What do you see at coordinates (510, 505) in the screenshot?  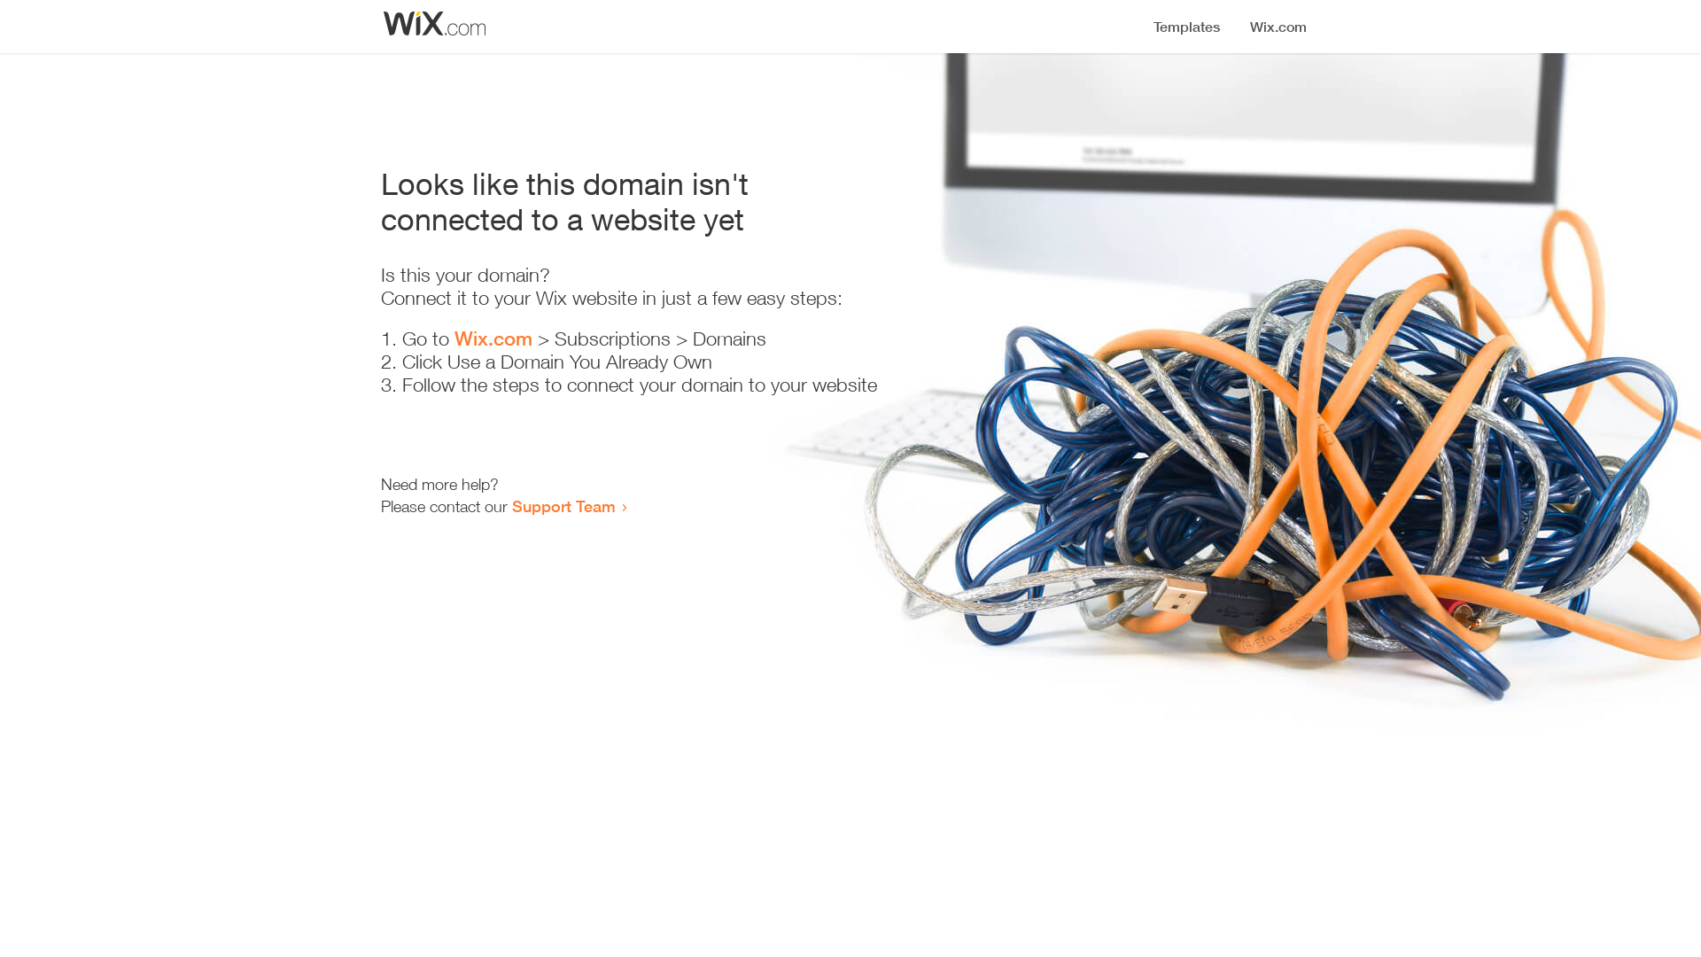 I see `'Support Team'` at bounding box center [510, 505].